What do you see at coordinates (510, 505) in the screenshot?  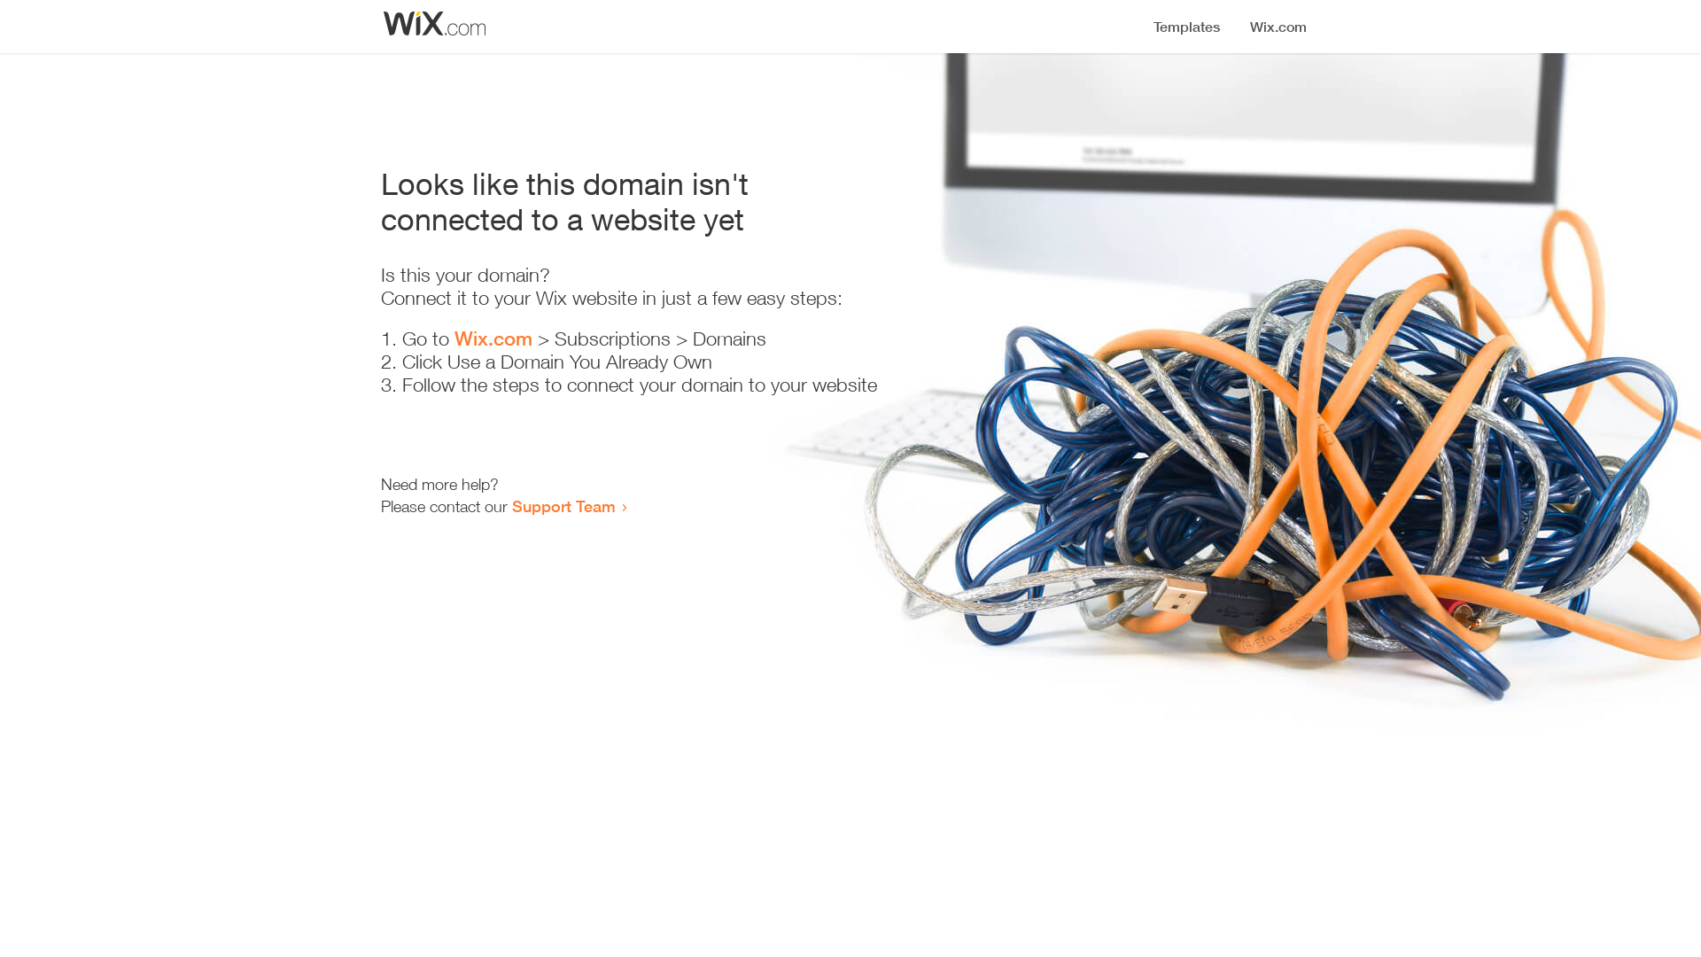 I see `'Support Team'` at bounding box center [510, 505].